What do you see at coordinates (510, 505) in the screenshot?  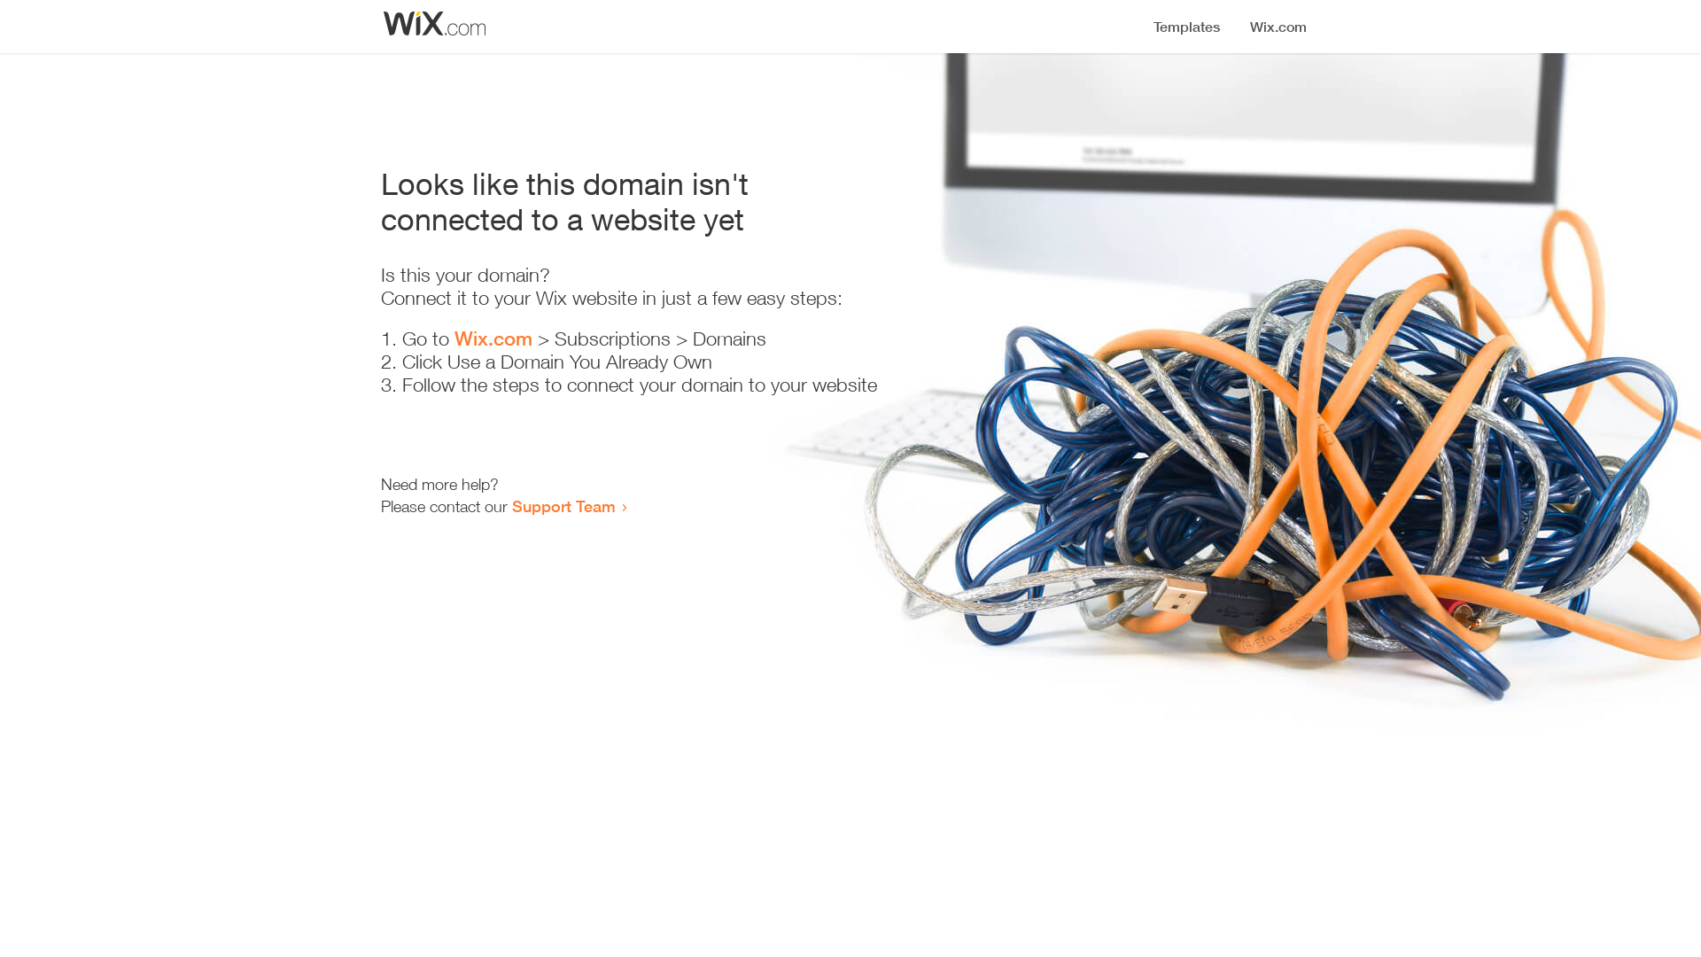 I see `'Support Team'` at bounding box center [510, 505].